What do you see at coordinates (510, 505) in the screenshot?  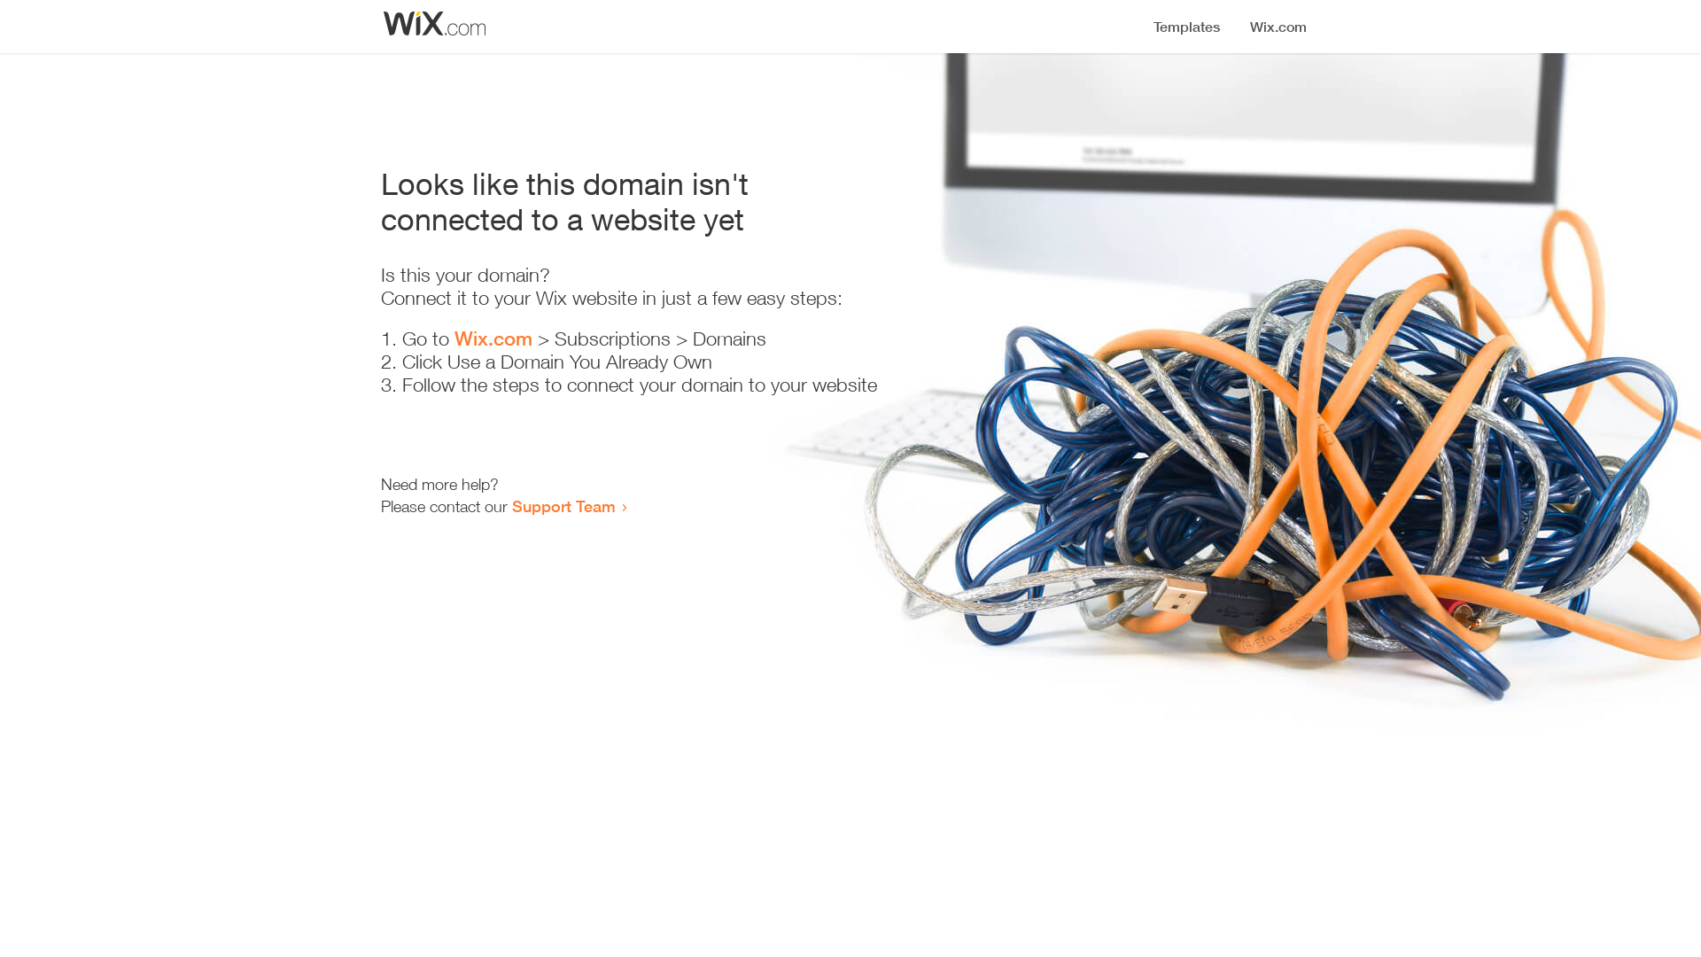 I see `'Support Team'` at bounding box center [510, 505].